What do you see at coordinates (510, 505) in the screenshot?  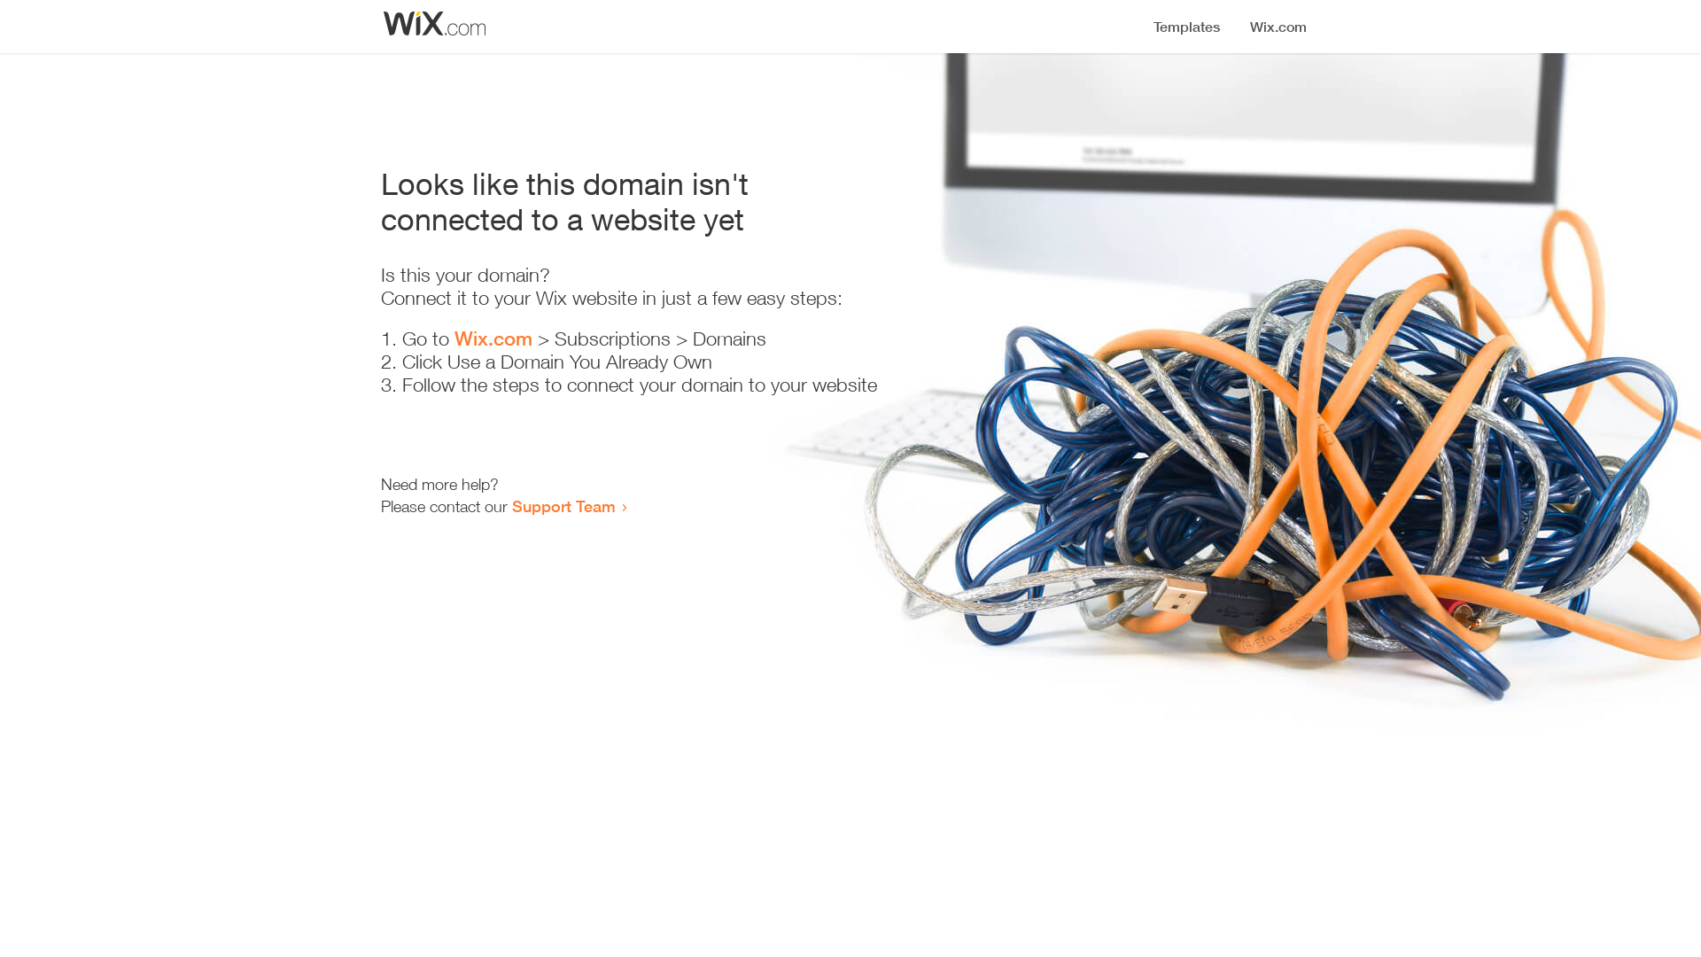 I see `'Support Team'` at bounding box center [510, 505].